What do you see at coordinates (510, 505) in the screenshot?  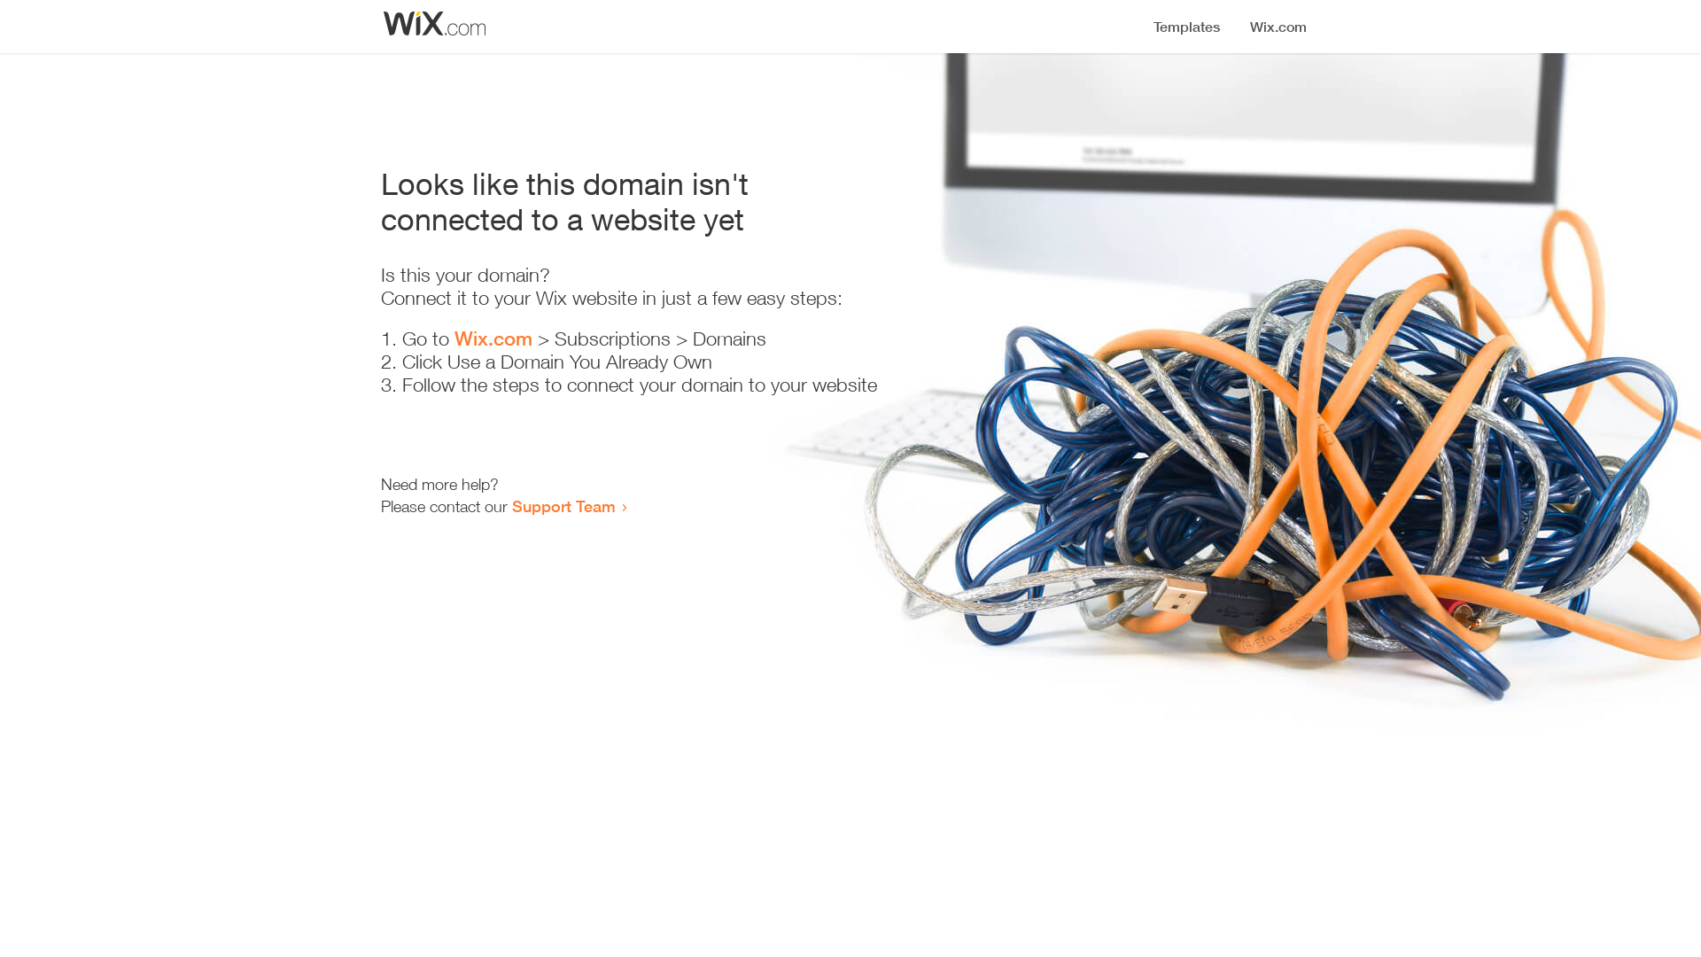 I see `'Support Team'` at bounding box center [510, 505].